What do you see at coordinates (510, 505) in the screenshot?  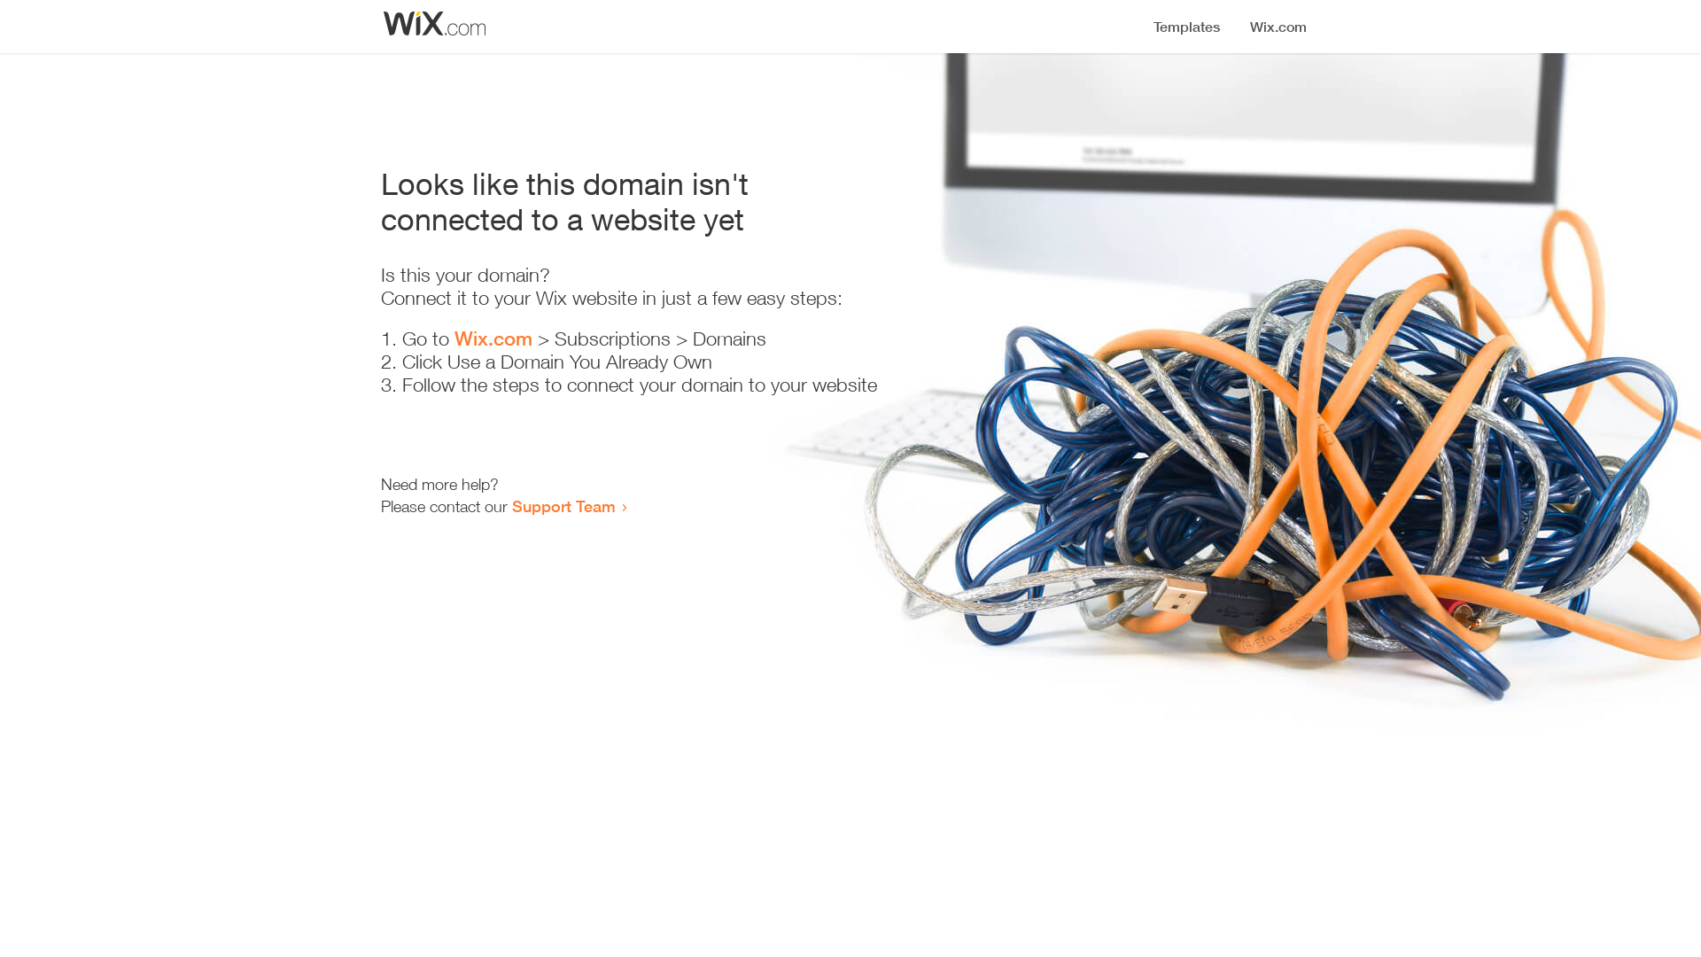 I see `'Support Team'` at bounding box center [510, 505].